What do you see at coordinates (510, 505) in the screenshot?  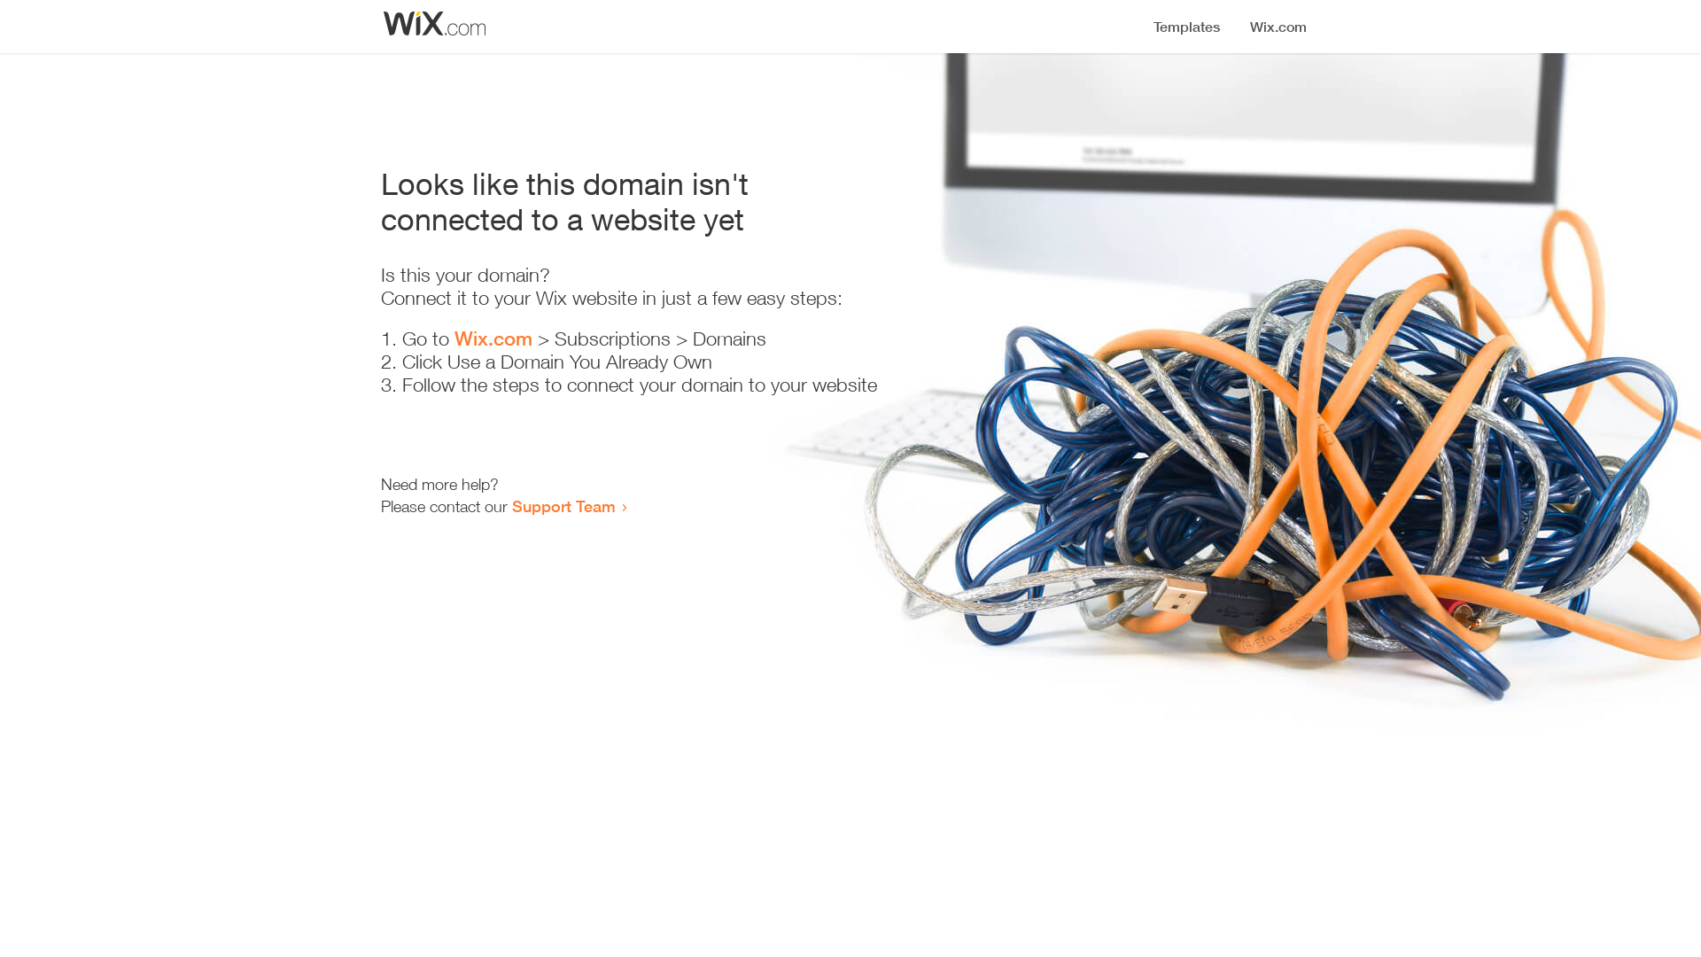 I see `'Support Team'` at bounding box center [510, 505].